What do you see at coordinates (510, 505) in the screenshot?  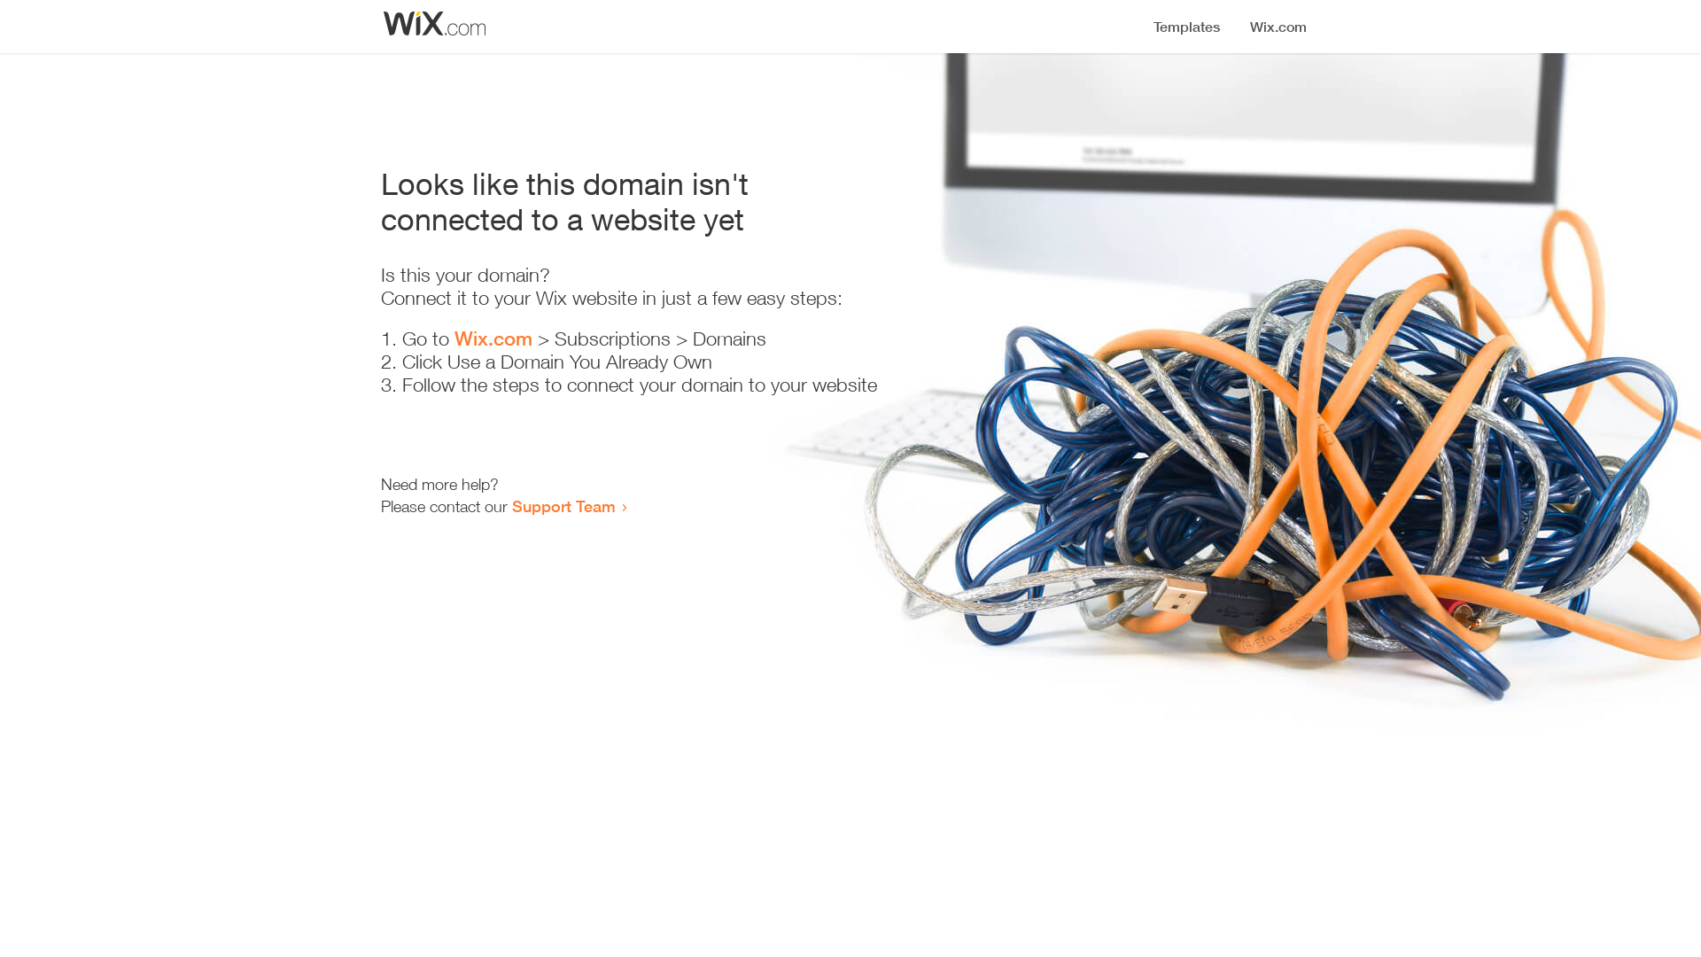 I see `'Support Team'` at bounding box center [510, 505].